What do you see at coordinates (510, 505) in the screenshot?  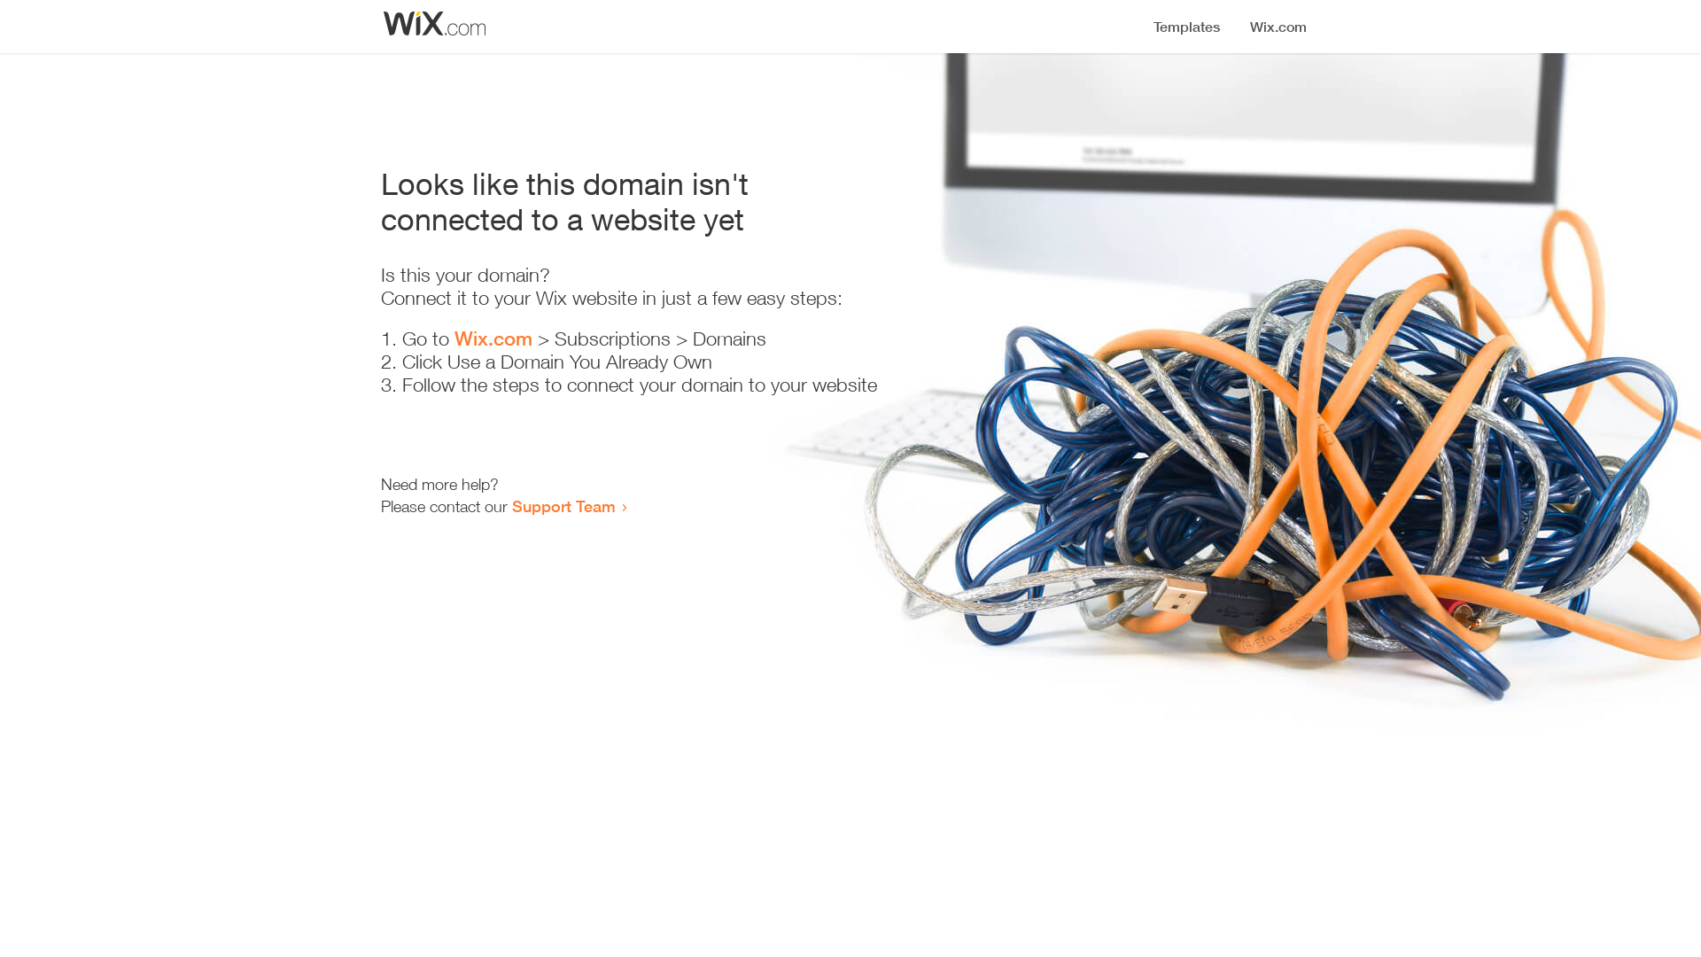 I see `'Support Team'` at bounding box center [510, 505].